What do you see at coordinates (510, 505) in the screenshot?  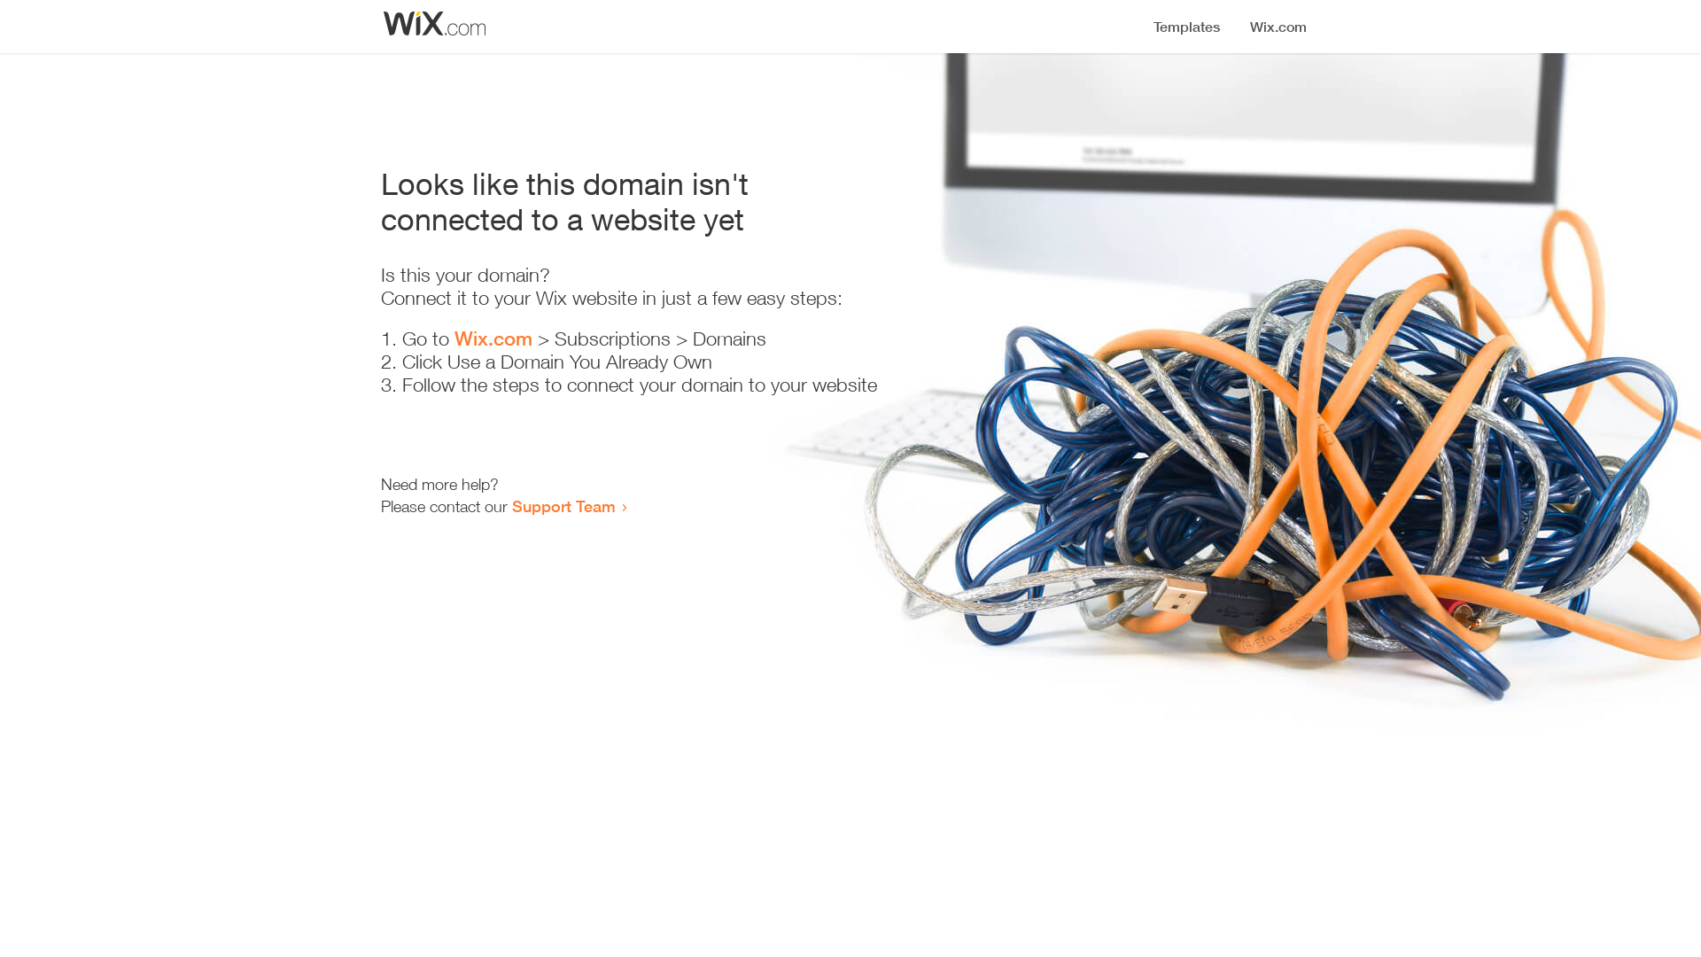 I see `'Support Team'` at bounding box center [510, 505].